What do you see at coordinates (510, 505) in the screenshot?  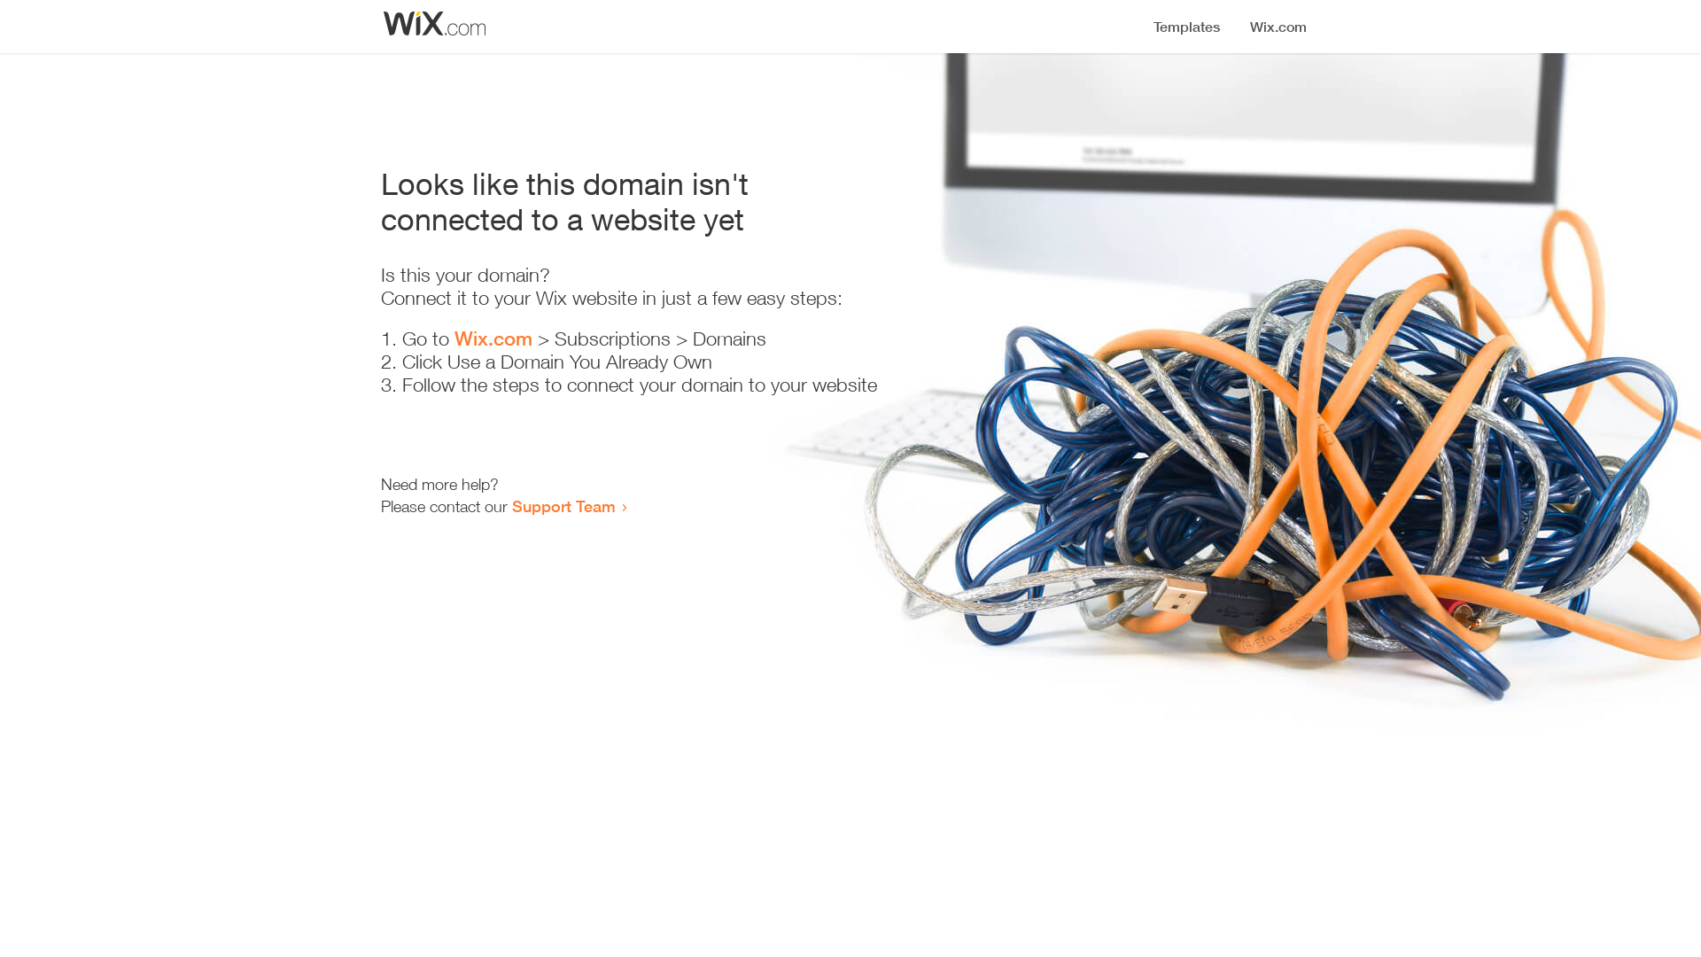 I see `'Support Team'` at bounding box center [510, 505].